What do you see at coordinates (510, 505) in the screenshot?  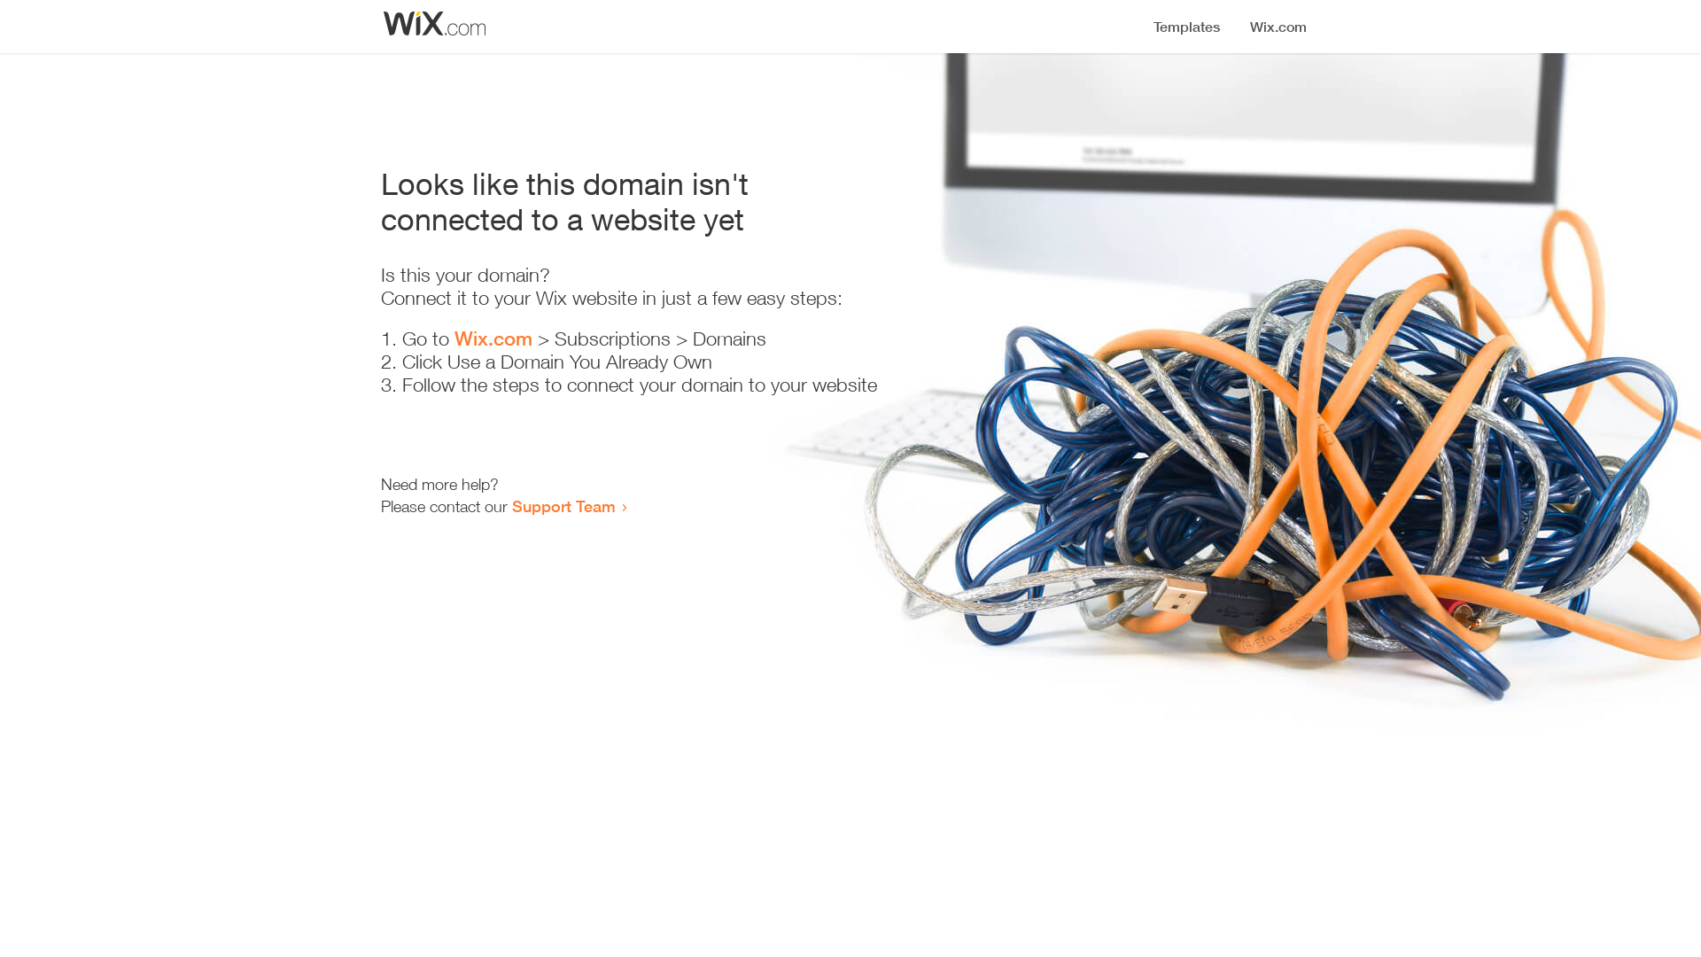 I see `'Support Team'` at bounding box center [510, 505].